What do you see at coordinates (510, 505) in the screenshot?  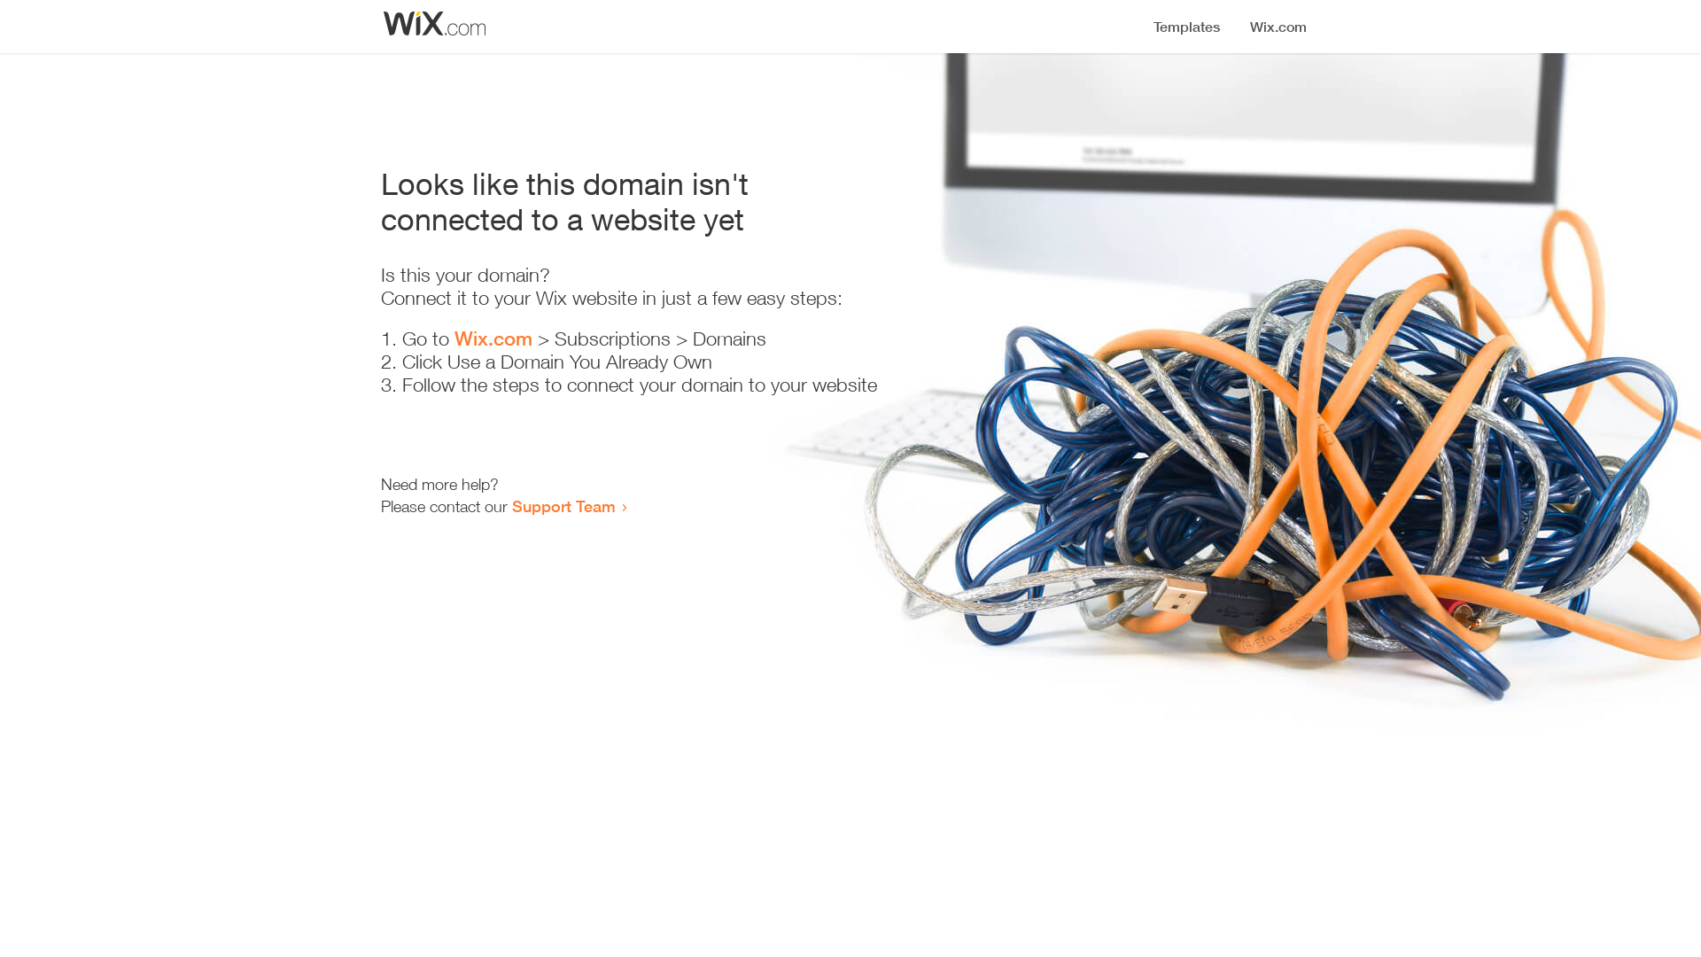 I see `'Support Team'` at bounding box center [510, 505].